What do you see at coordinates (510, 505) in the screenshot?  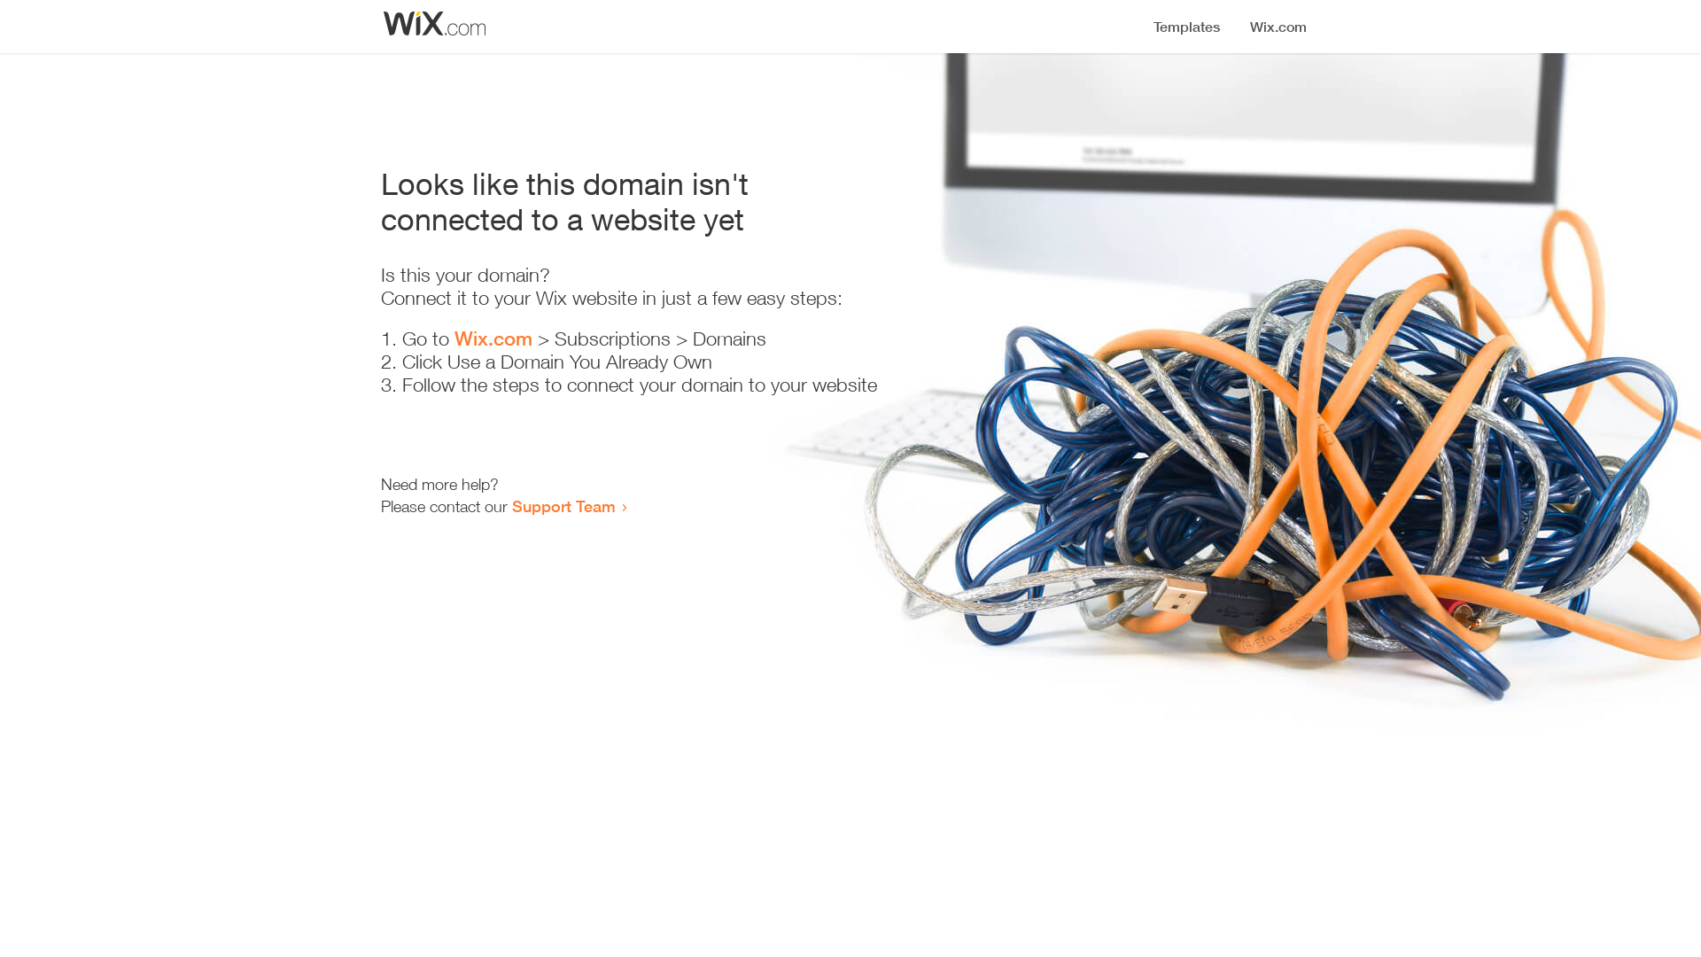 I see `'Support Team'` at bounding box center [510, 505].